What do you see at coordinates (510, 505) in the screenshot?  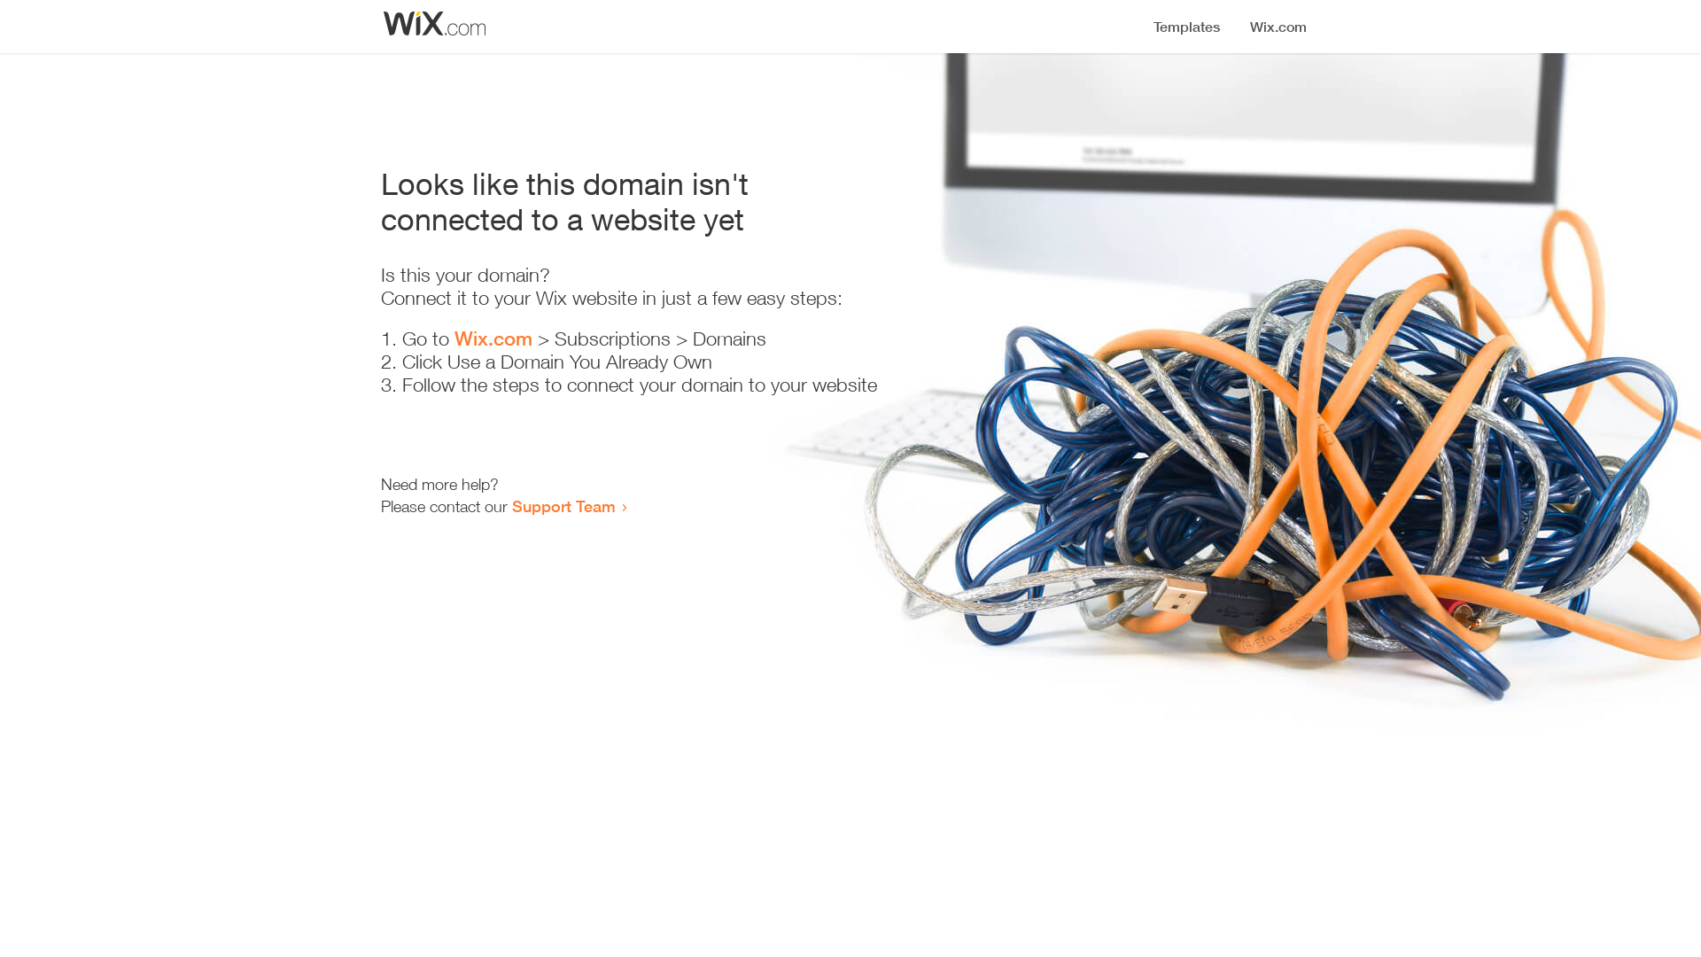 I see `'Support Team'` at bounding box center [510, 505].